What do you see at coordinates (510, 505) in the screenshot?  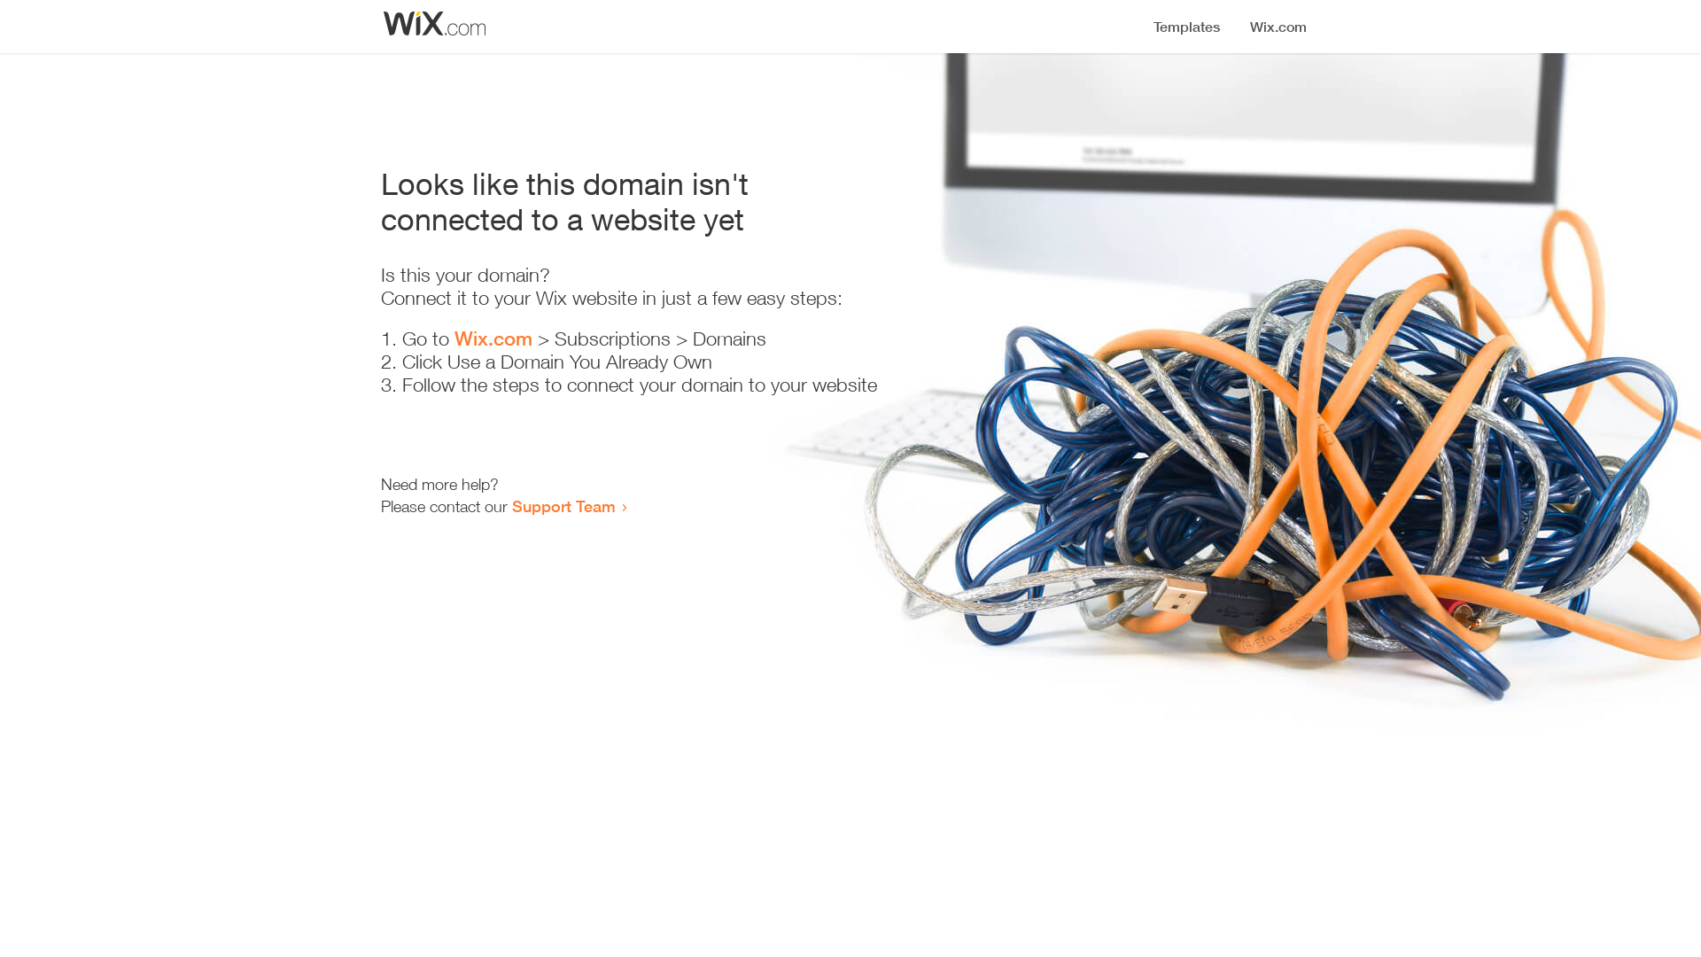 I see `'Support Team'` at bounding box center [510, 505].